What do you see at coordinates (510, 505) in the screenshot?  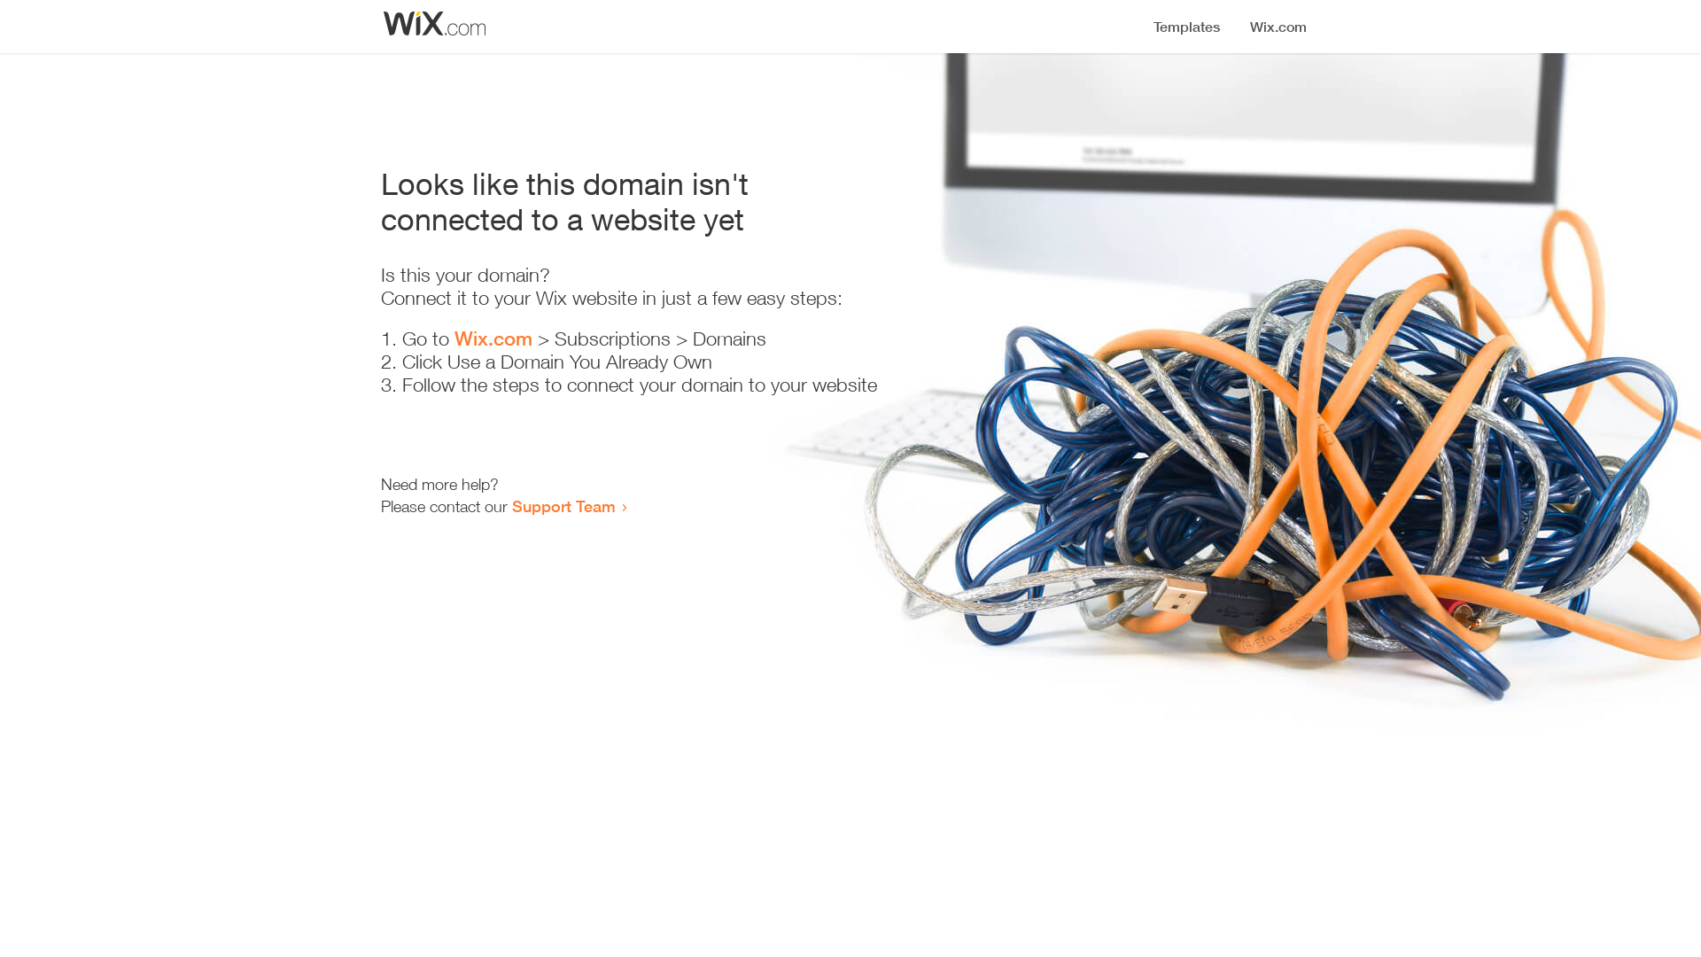 I see `'Support Team'` at bounding box center [510, 505].